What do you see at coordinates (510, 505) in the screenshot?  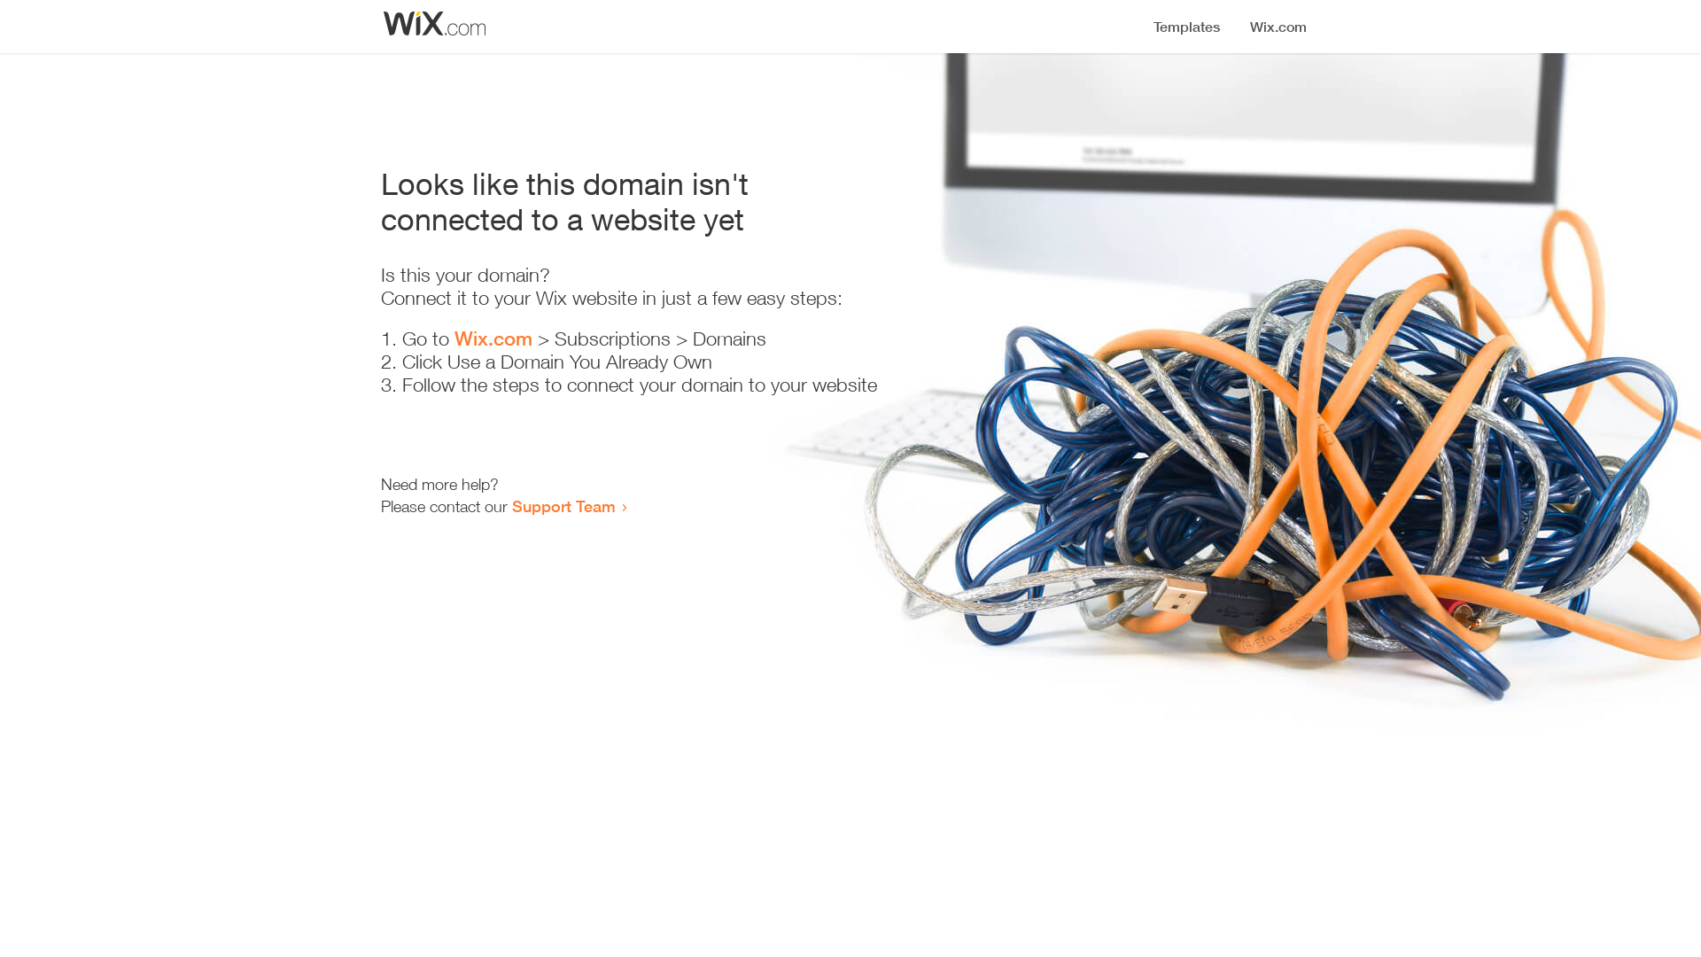 I see `'Support Team'` at bounding box center [510, 505].